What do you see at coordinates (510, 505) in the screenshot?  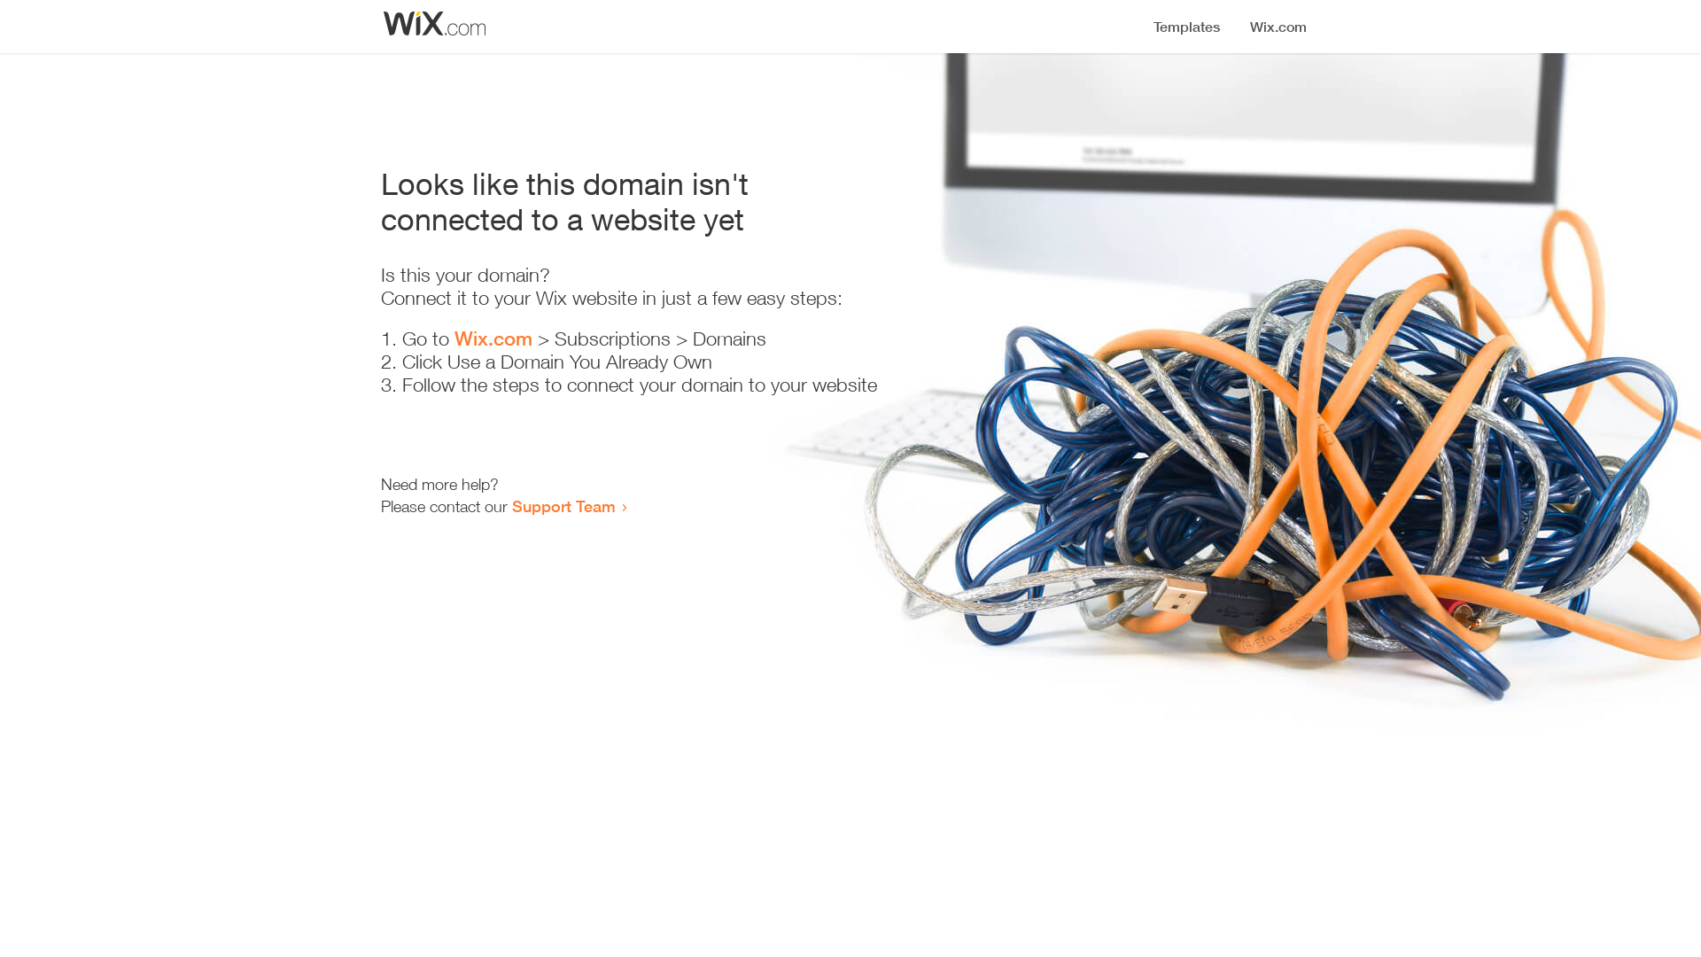 I see `'Support Team'` at bounding box center [510, 505].